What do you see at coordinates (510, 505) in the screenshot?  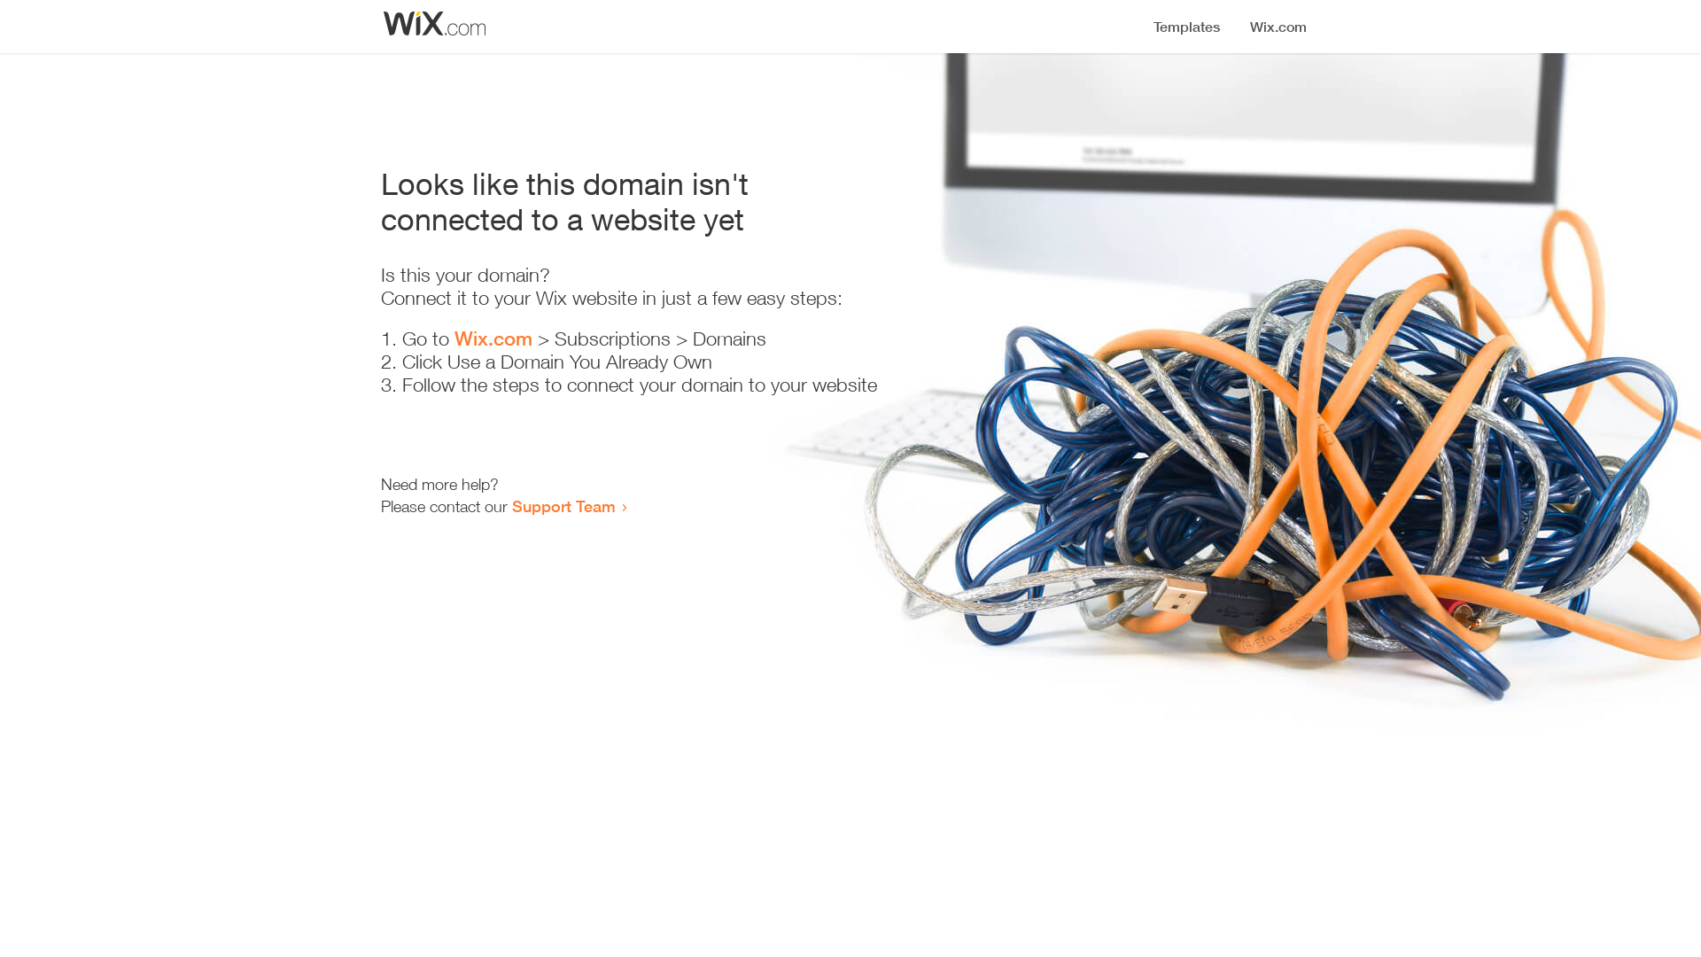 I see `'Support Team'` at bounding box center [510, 505].